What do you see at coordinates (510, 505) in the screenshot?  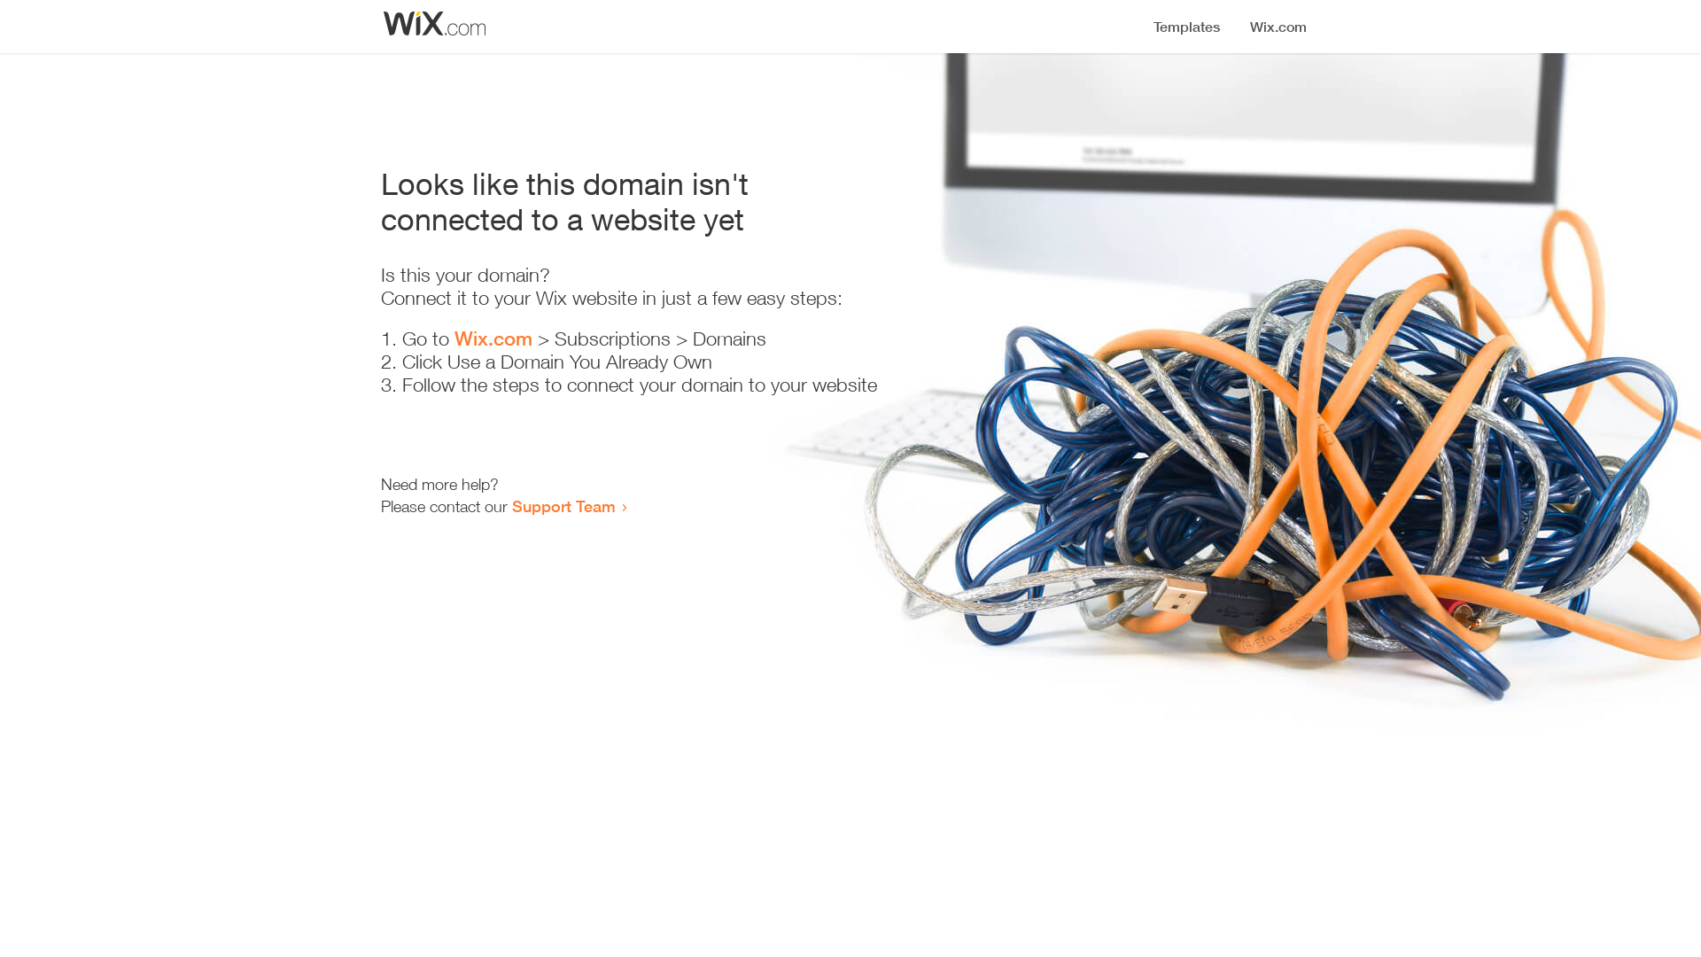 I see `'Support Team'` at bounding box center [510, 505].